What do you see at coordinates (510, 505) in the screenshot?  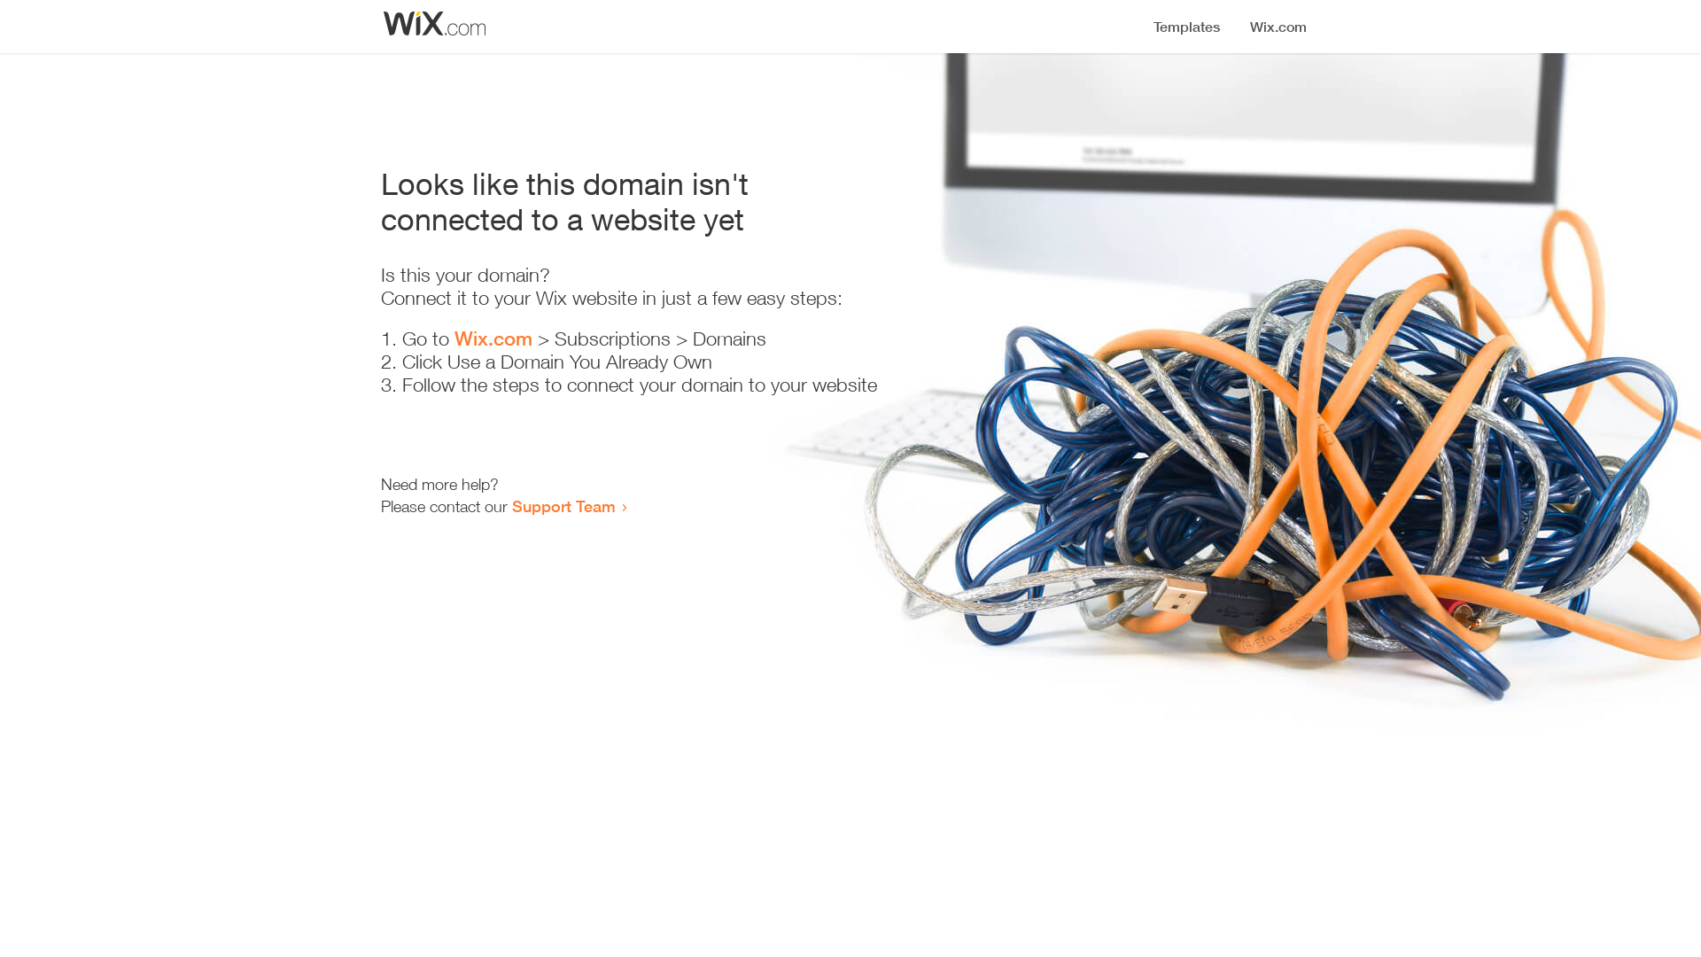 I see `'Support Team'` at bounding box center [510, 505].